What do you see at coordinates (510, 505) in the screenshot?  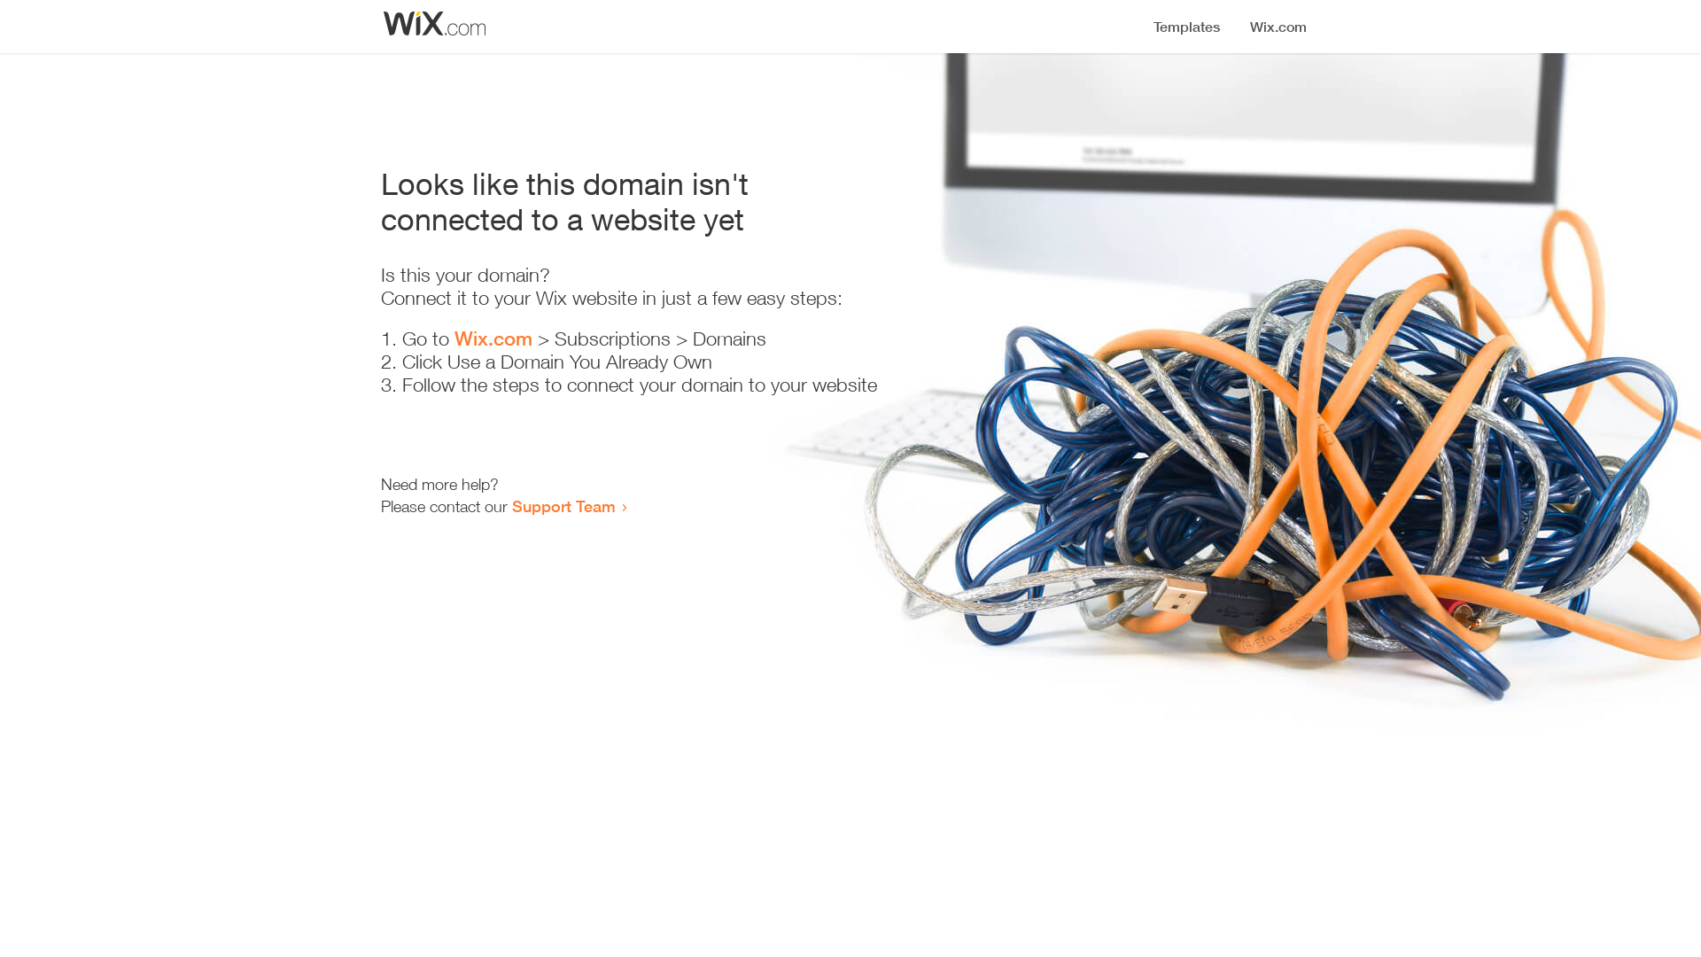 I see `'Support Team'` at bounding box center [510, 505].